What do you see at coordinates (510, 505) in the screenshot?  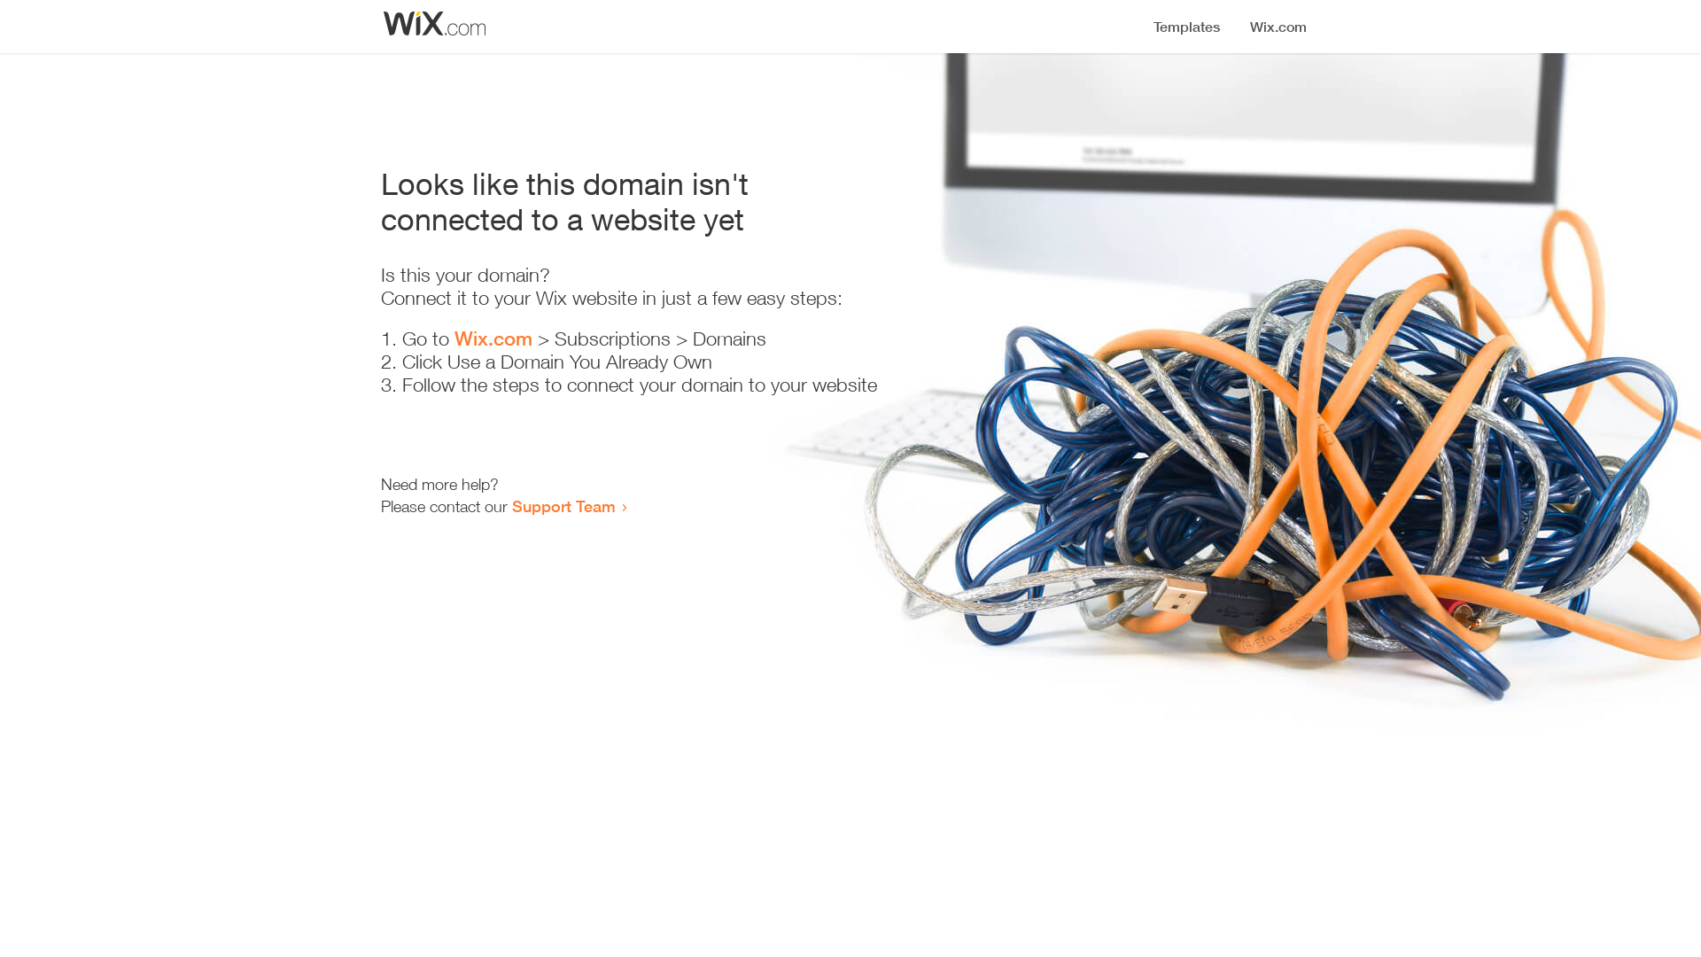 I see `'Support Team'` at bounding box center [510, 505].